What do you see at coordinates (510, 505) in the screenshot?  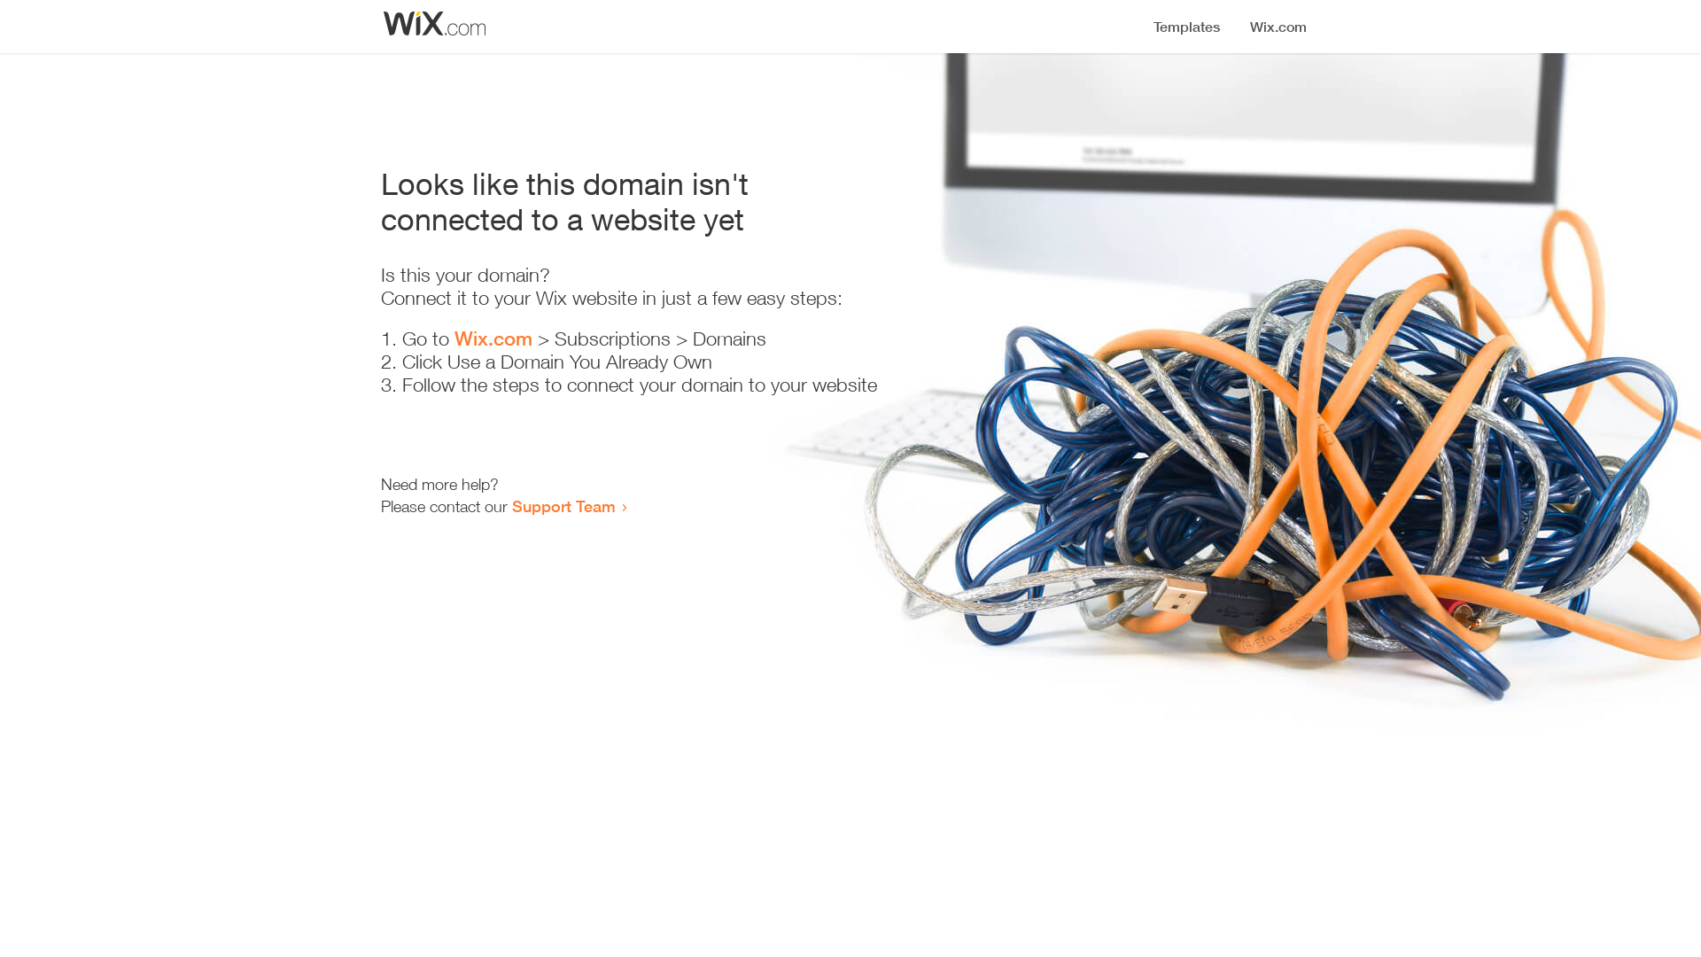 I see `'Support Team'` at bounding box center [510, 505].